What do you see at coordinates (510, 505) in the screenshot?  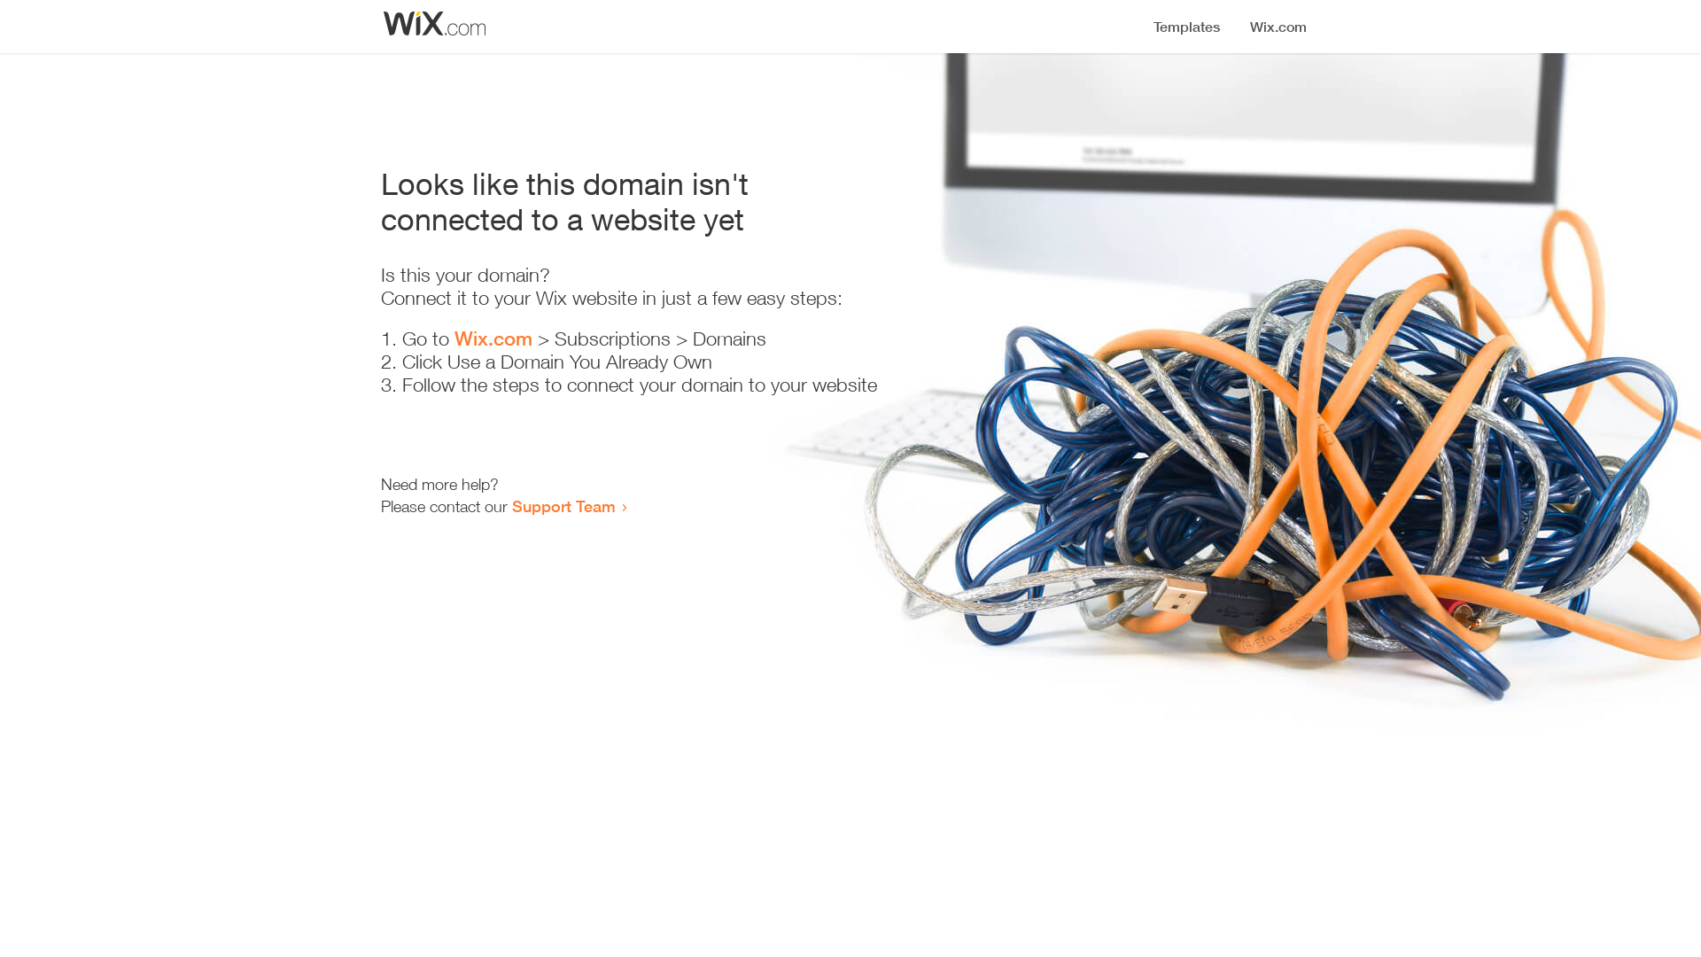 I see `'Support Team'` at bounding box center [510, 505].